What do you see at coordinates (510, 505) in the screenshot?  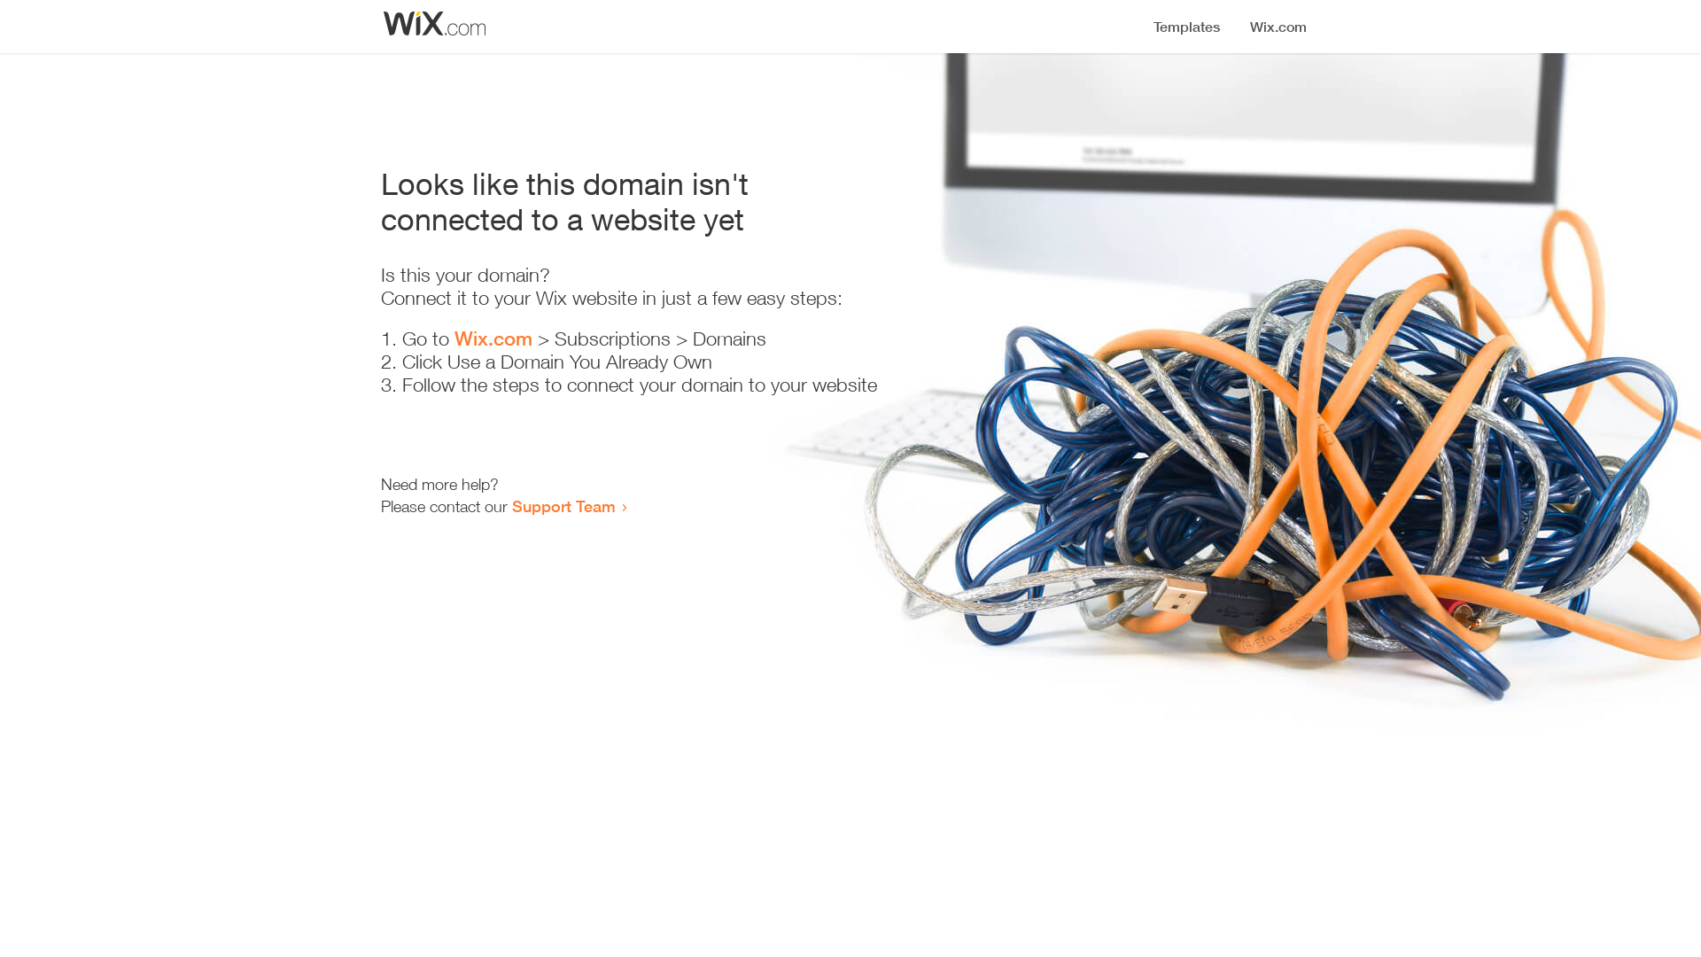 I see `'Support Team'` at bounding box center [510, 505].